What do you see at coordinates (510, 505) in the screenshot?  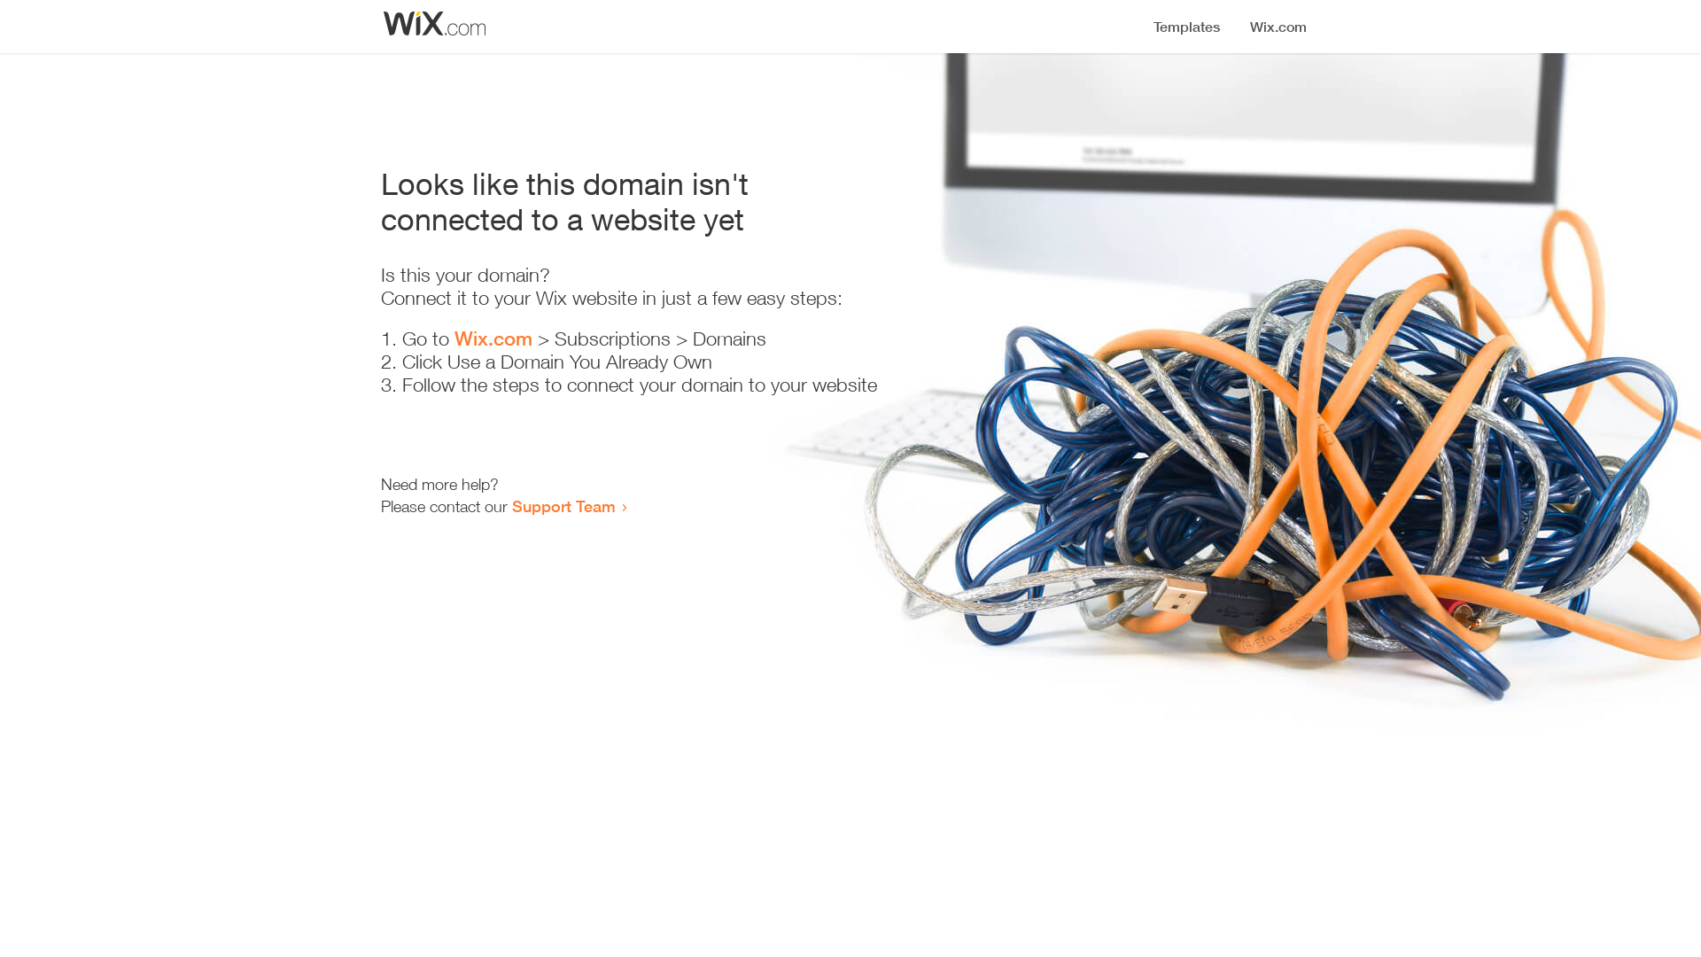 I see `'Support Team'` at bounding box center [510, 505].